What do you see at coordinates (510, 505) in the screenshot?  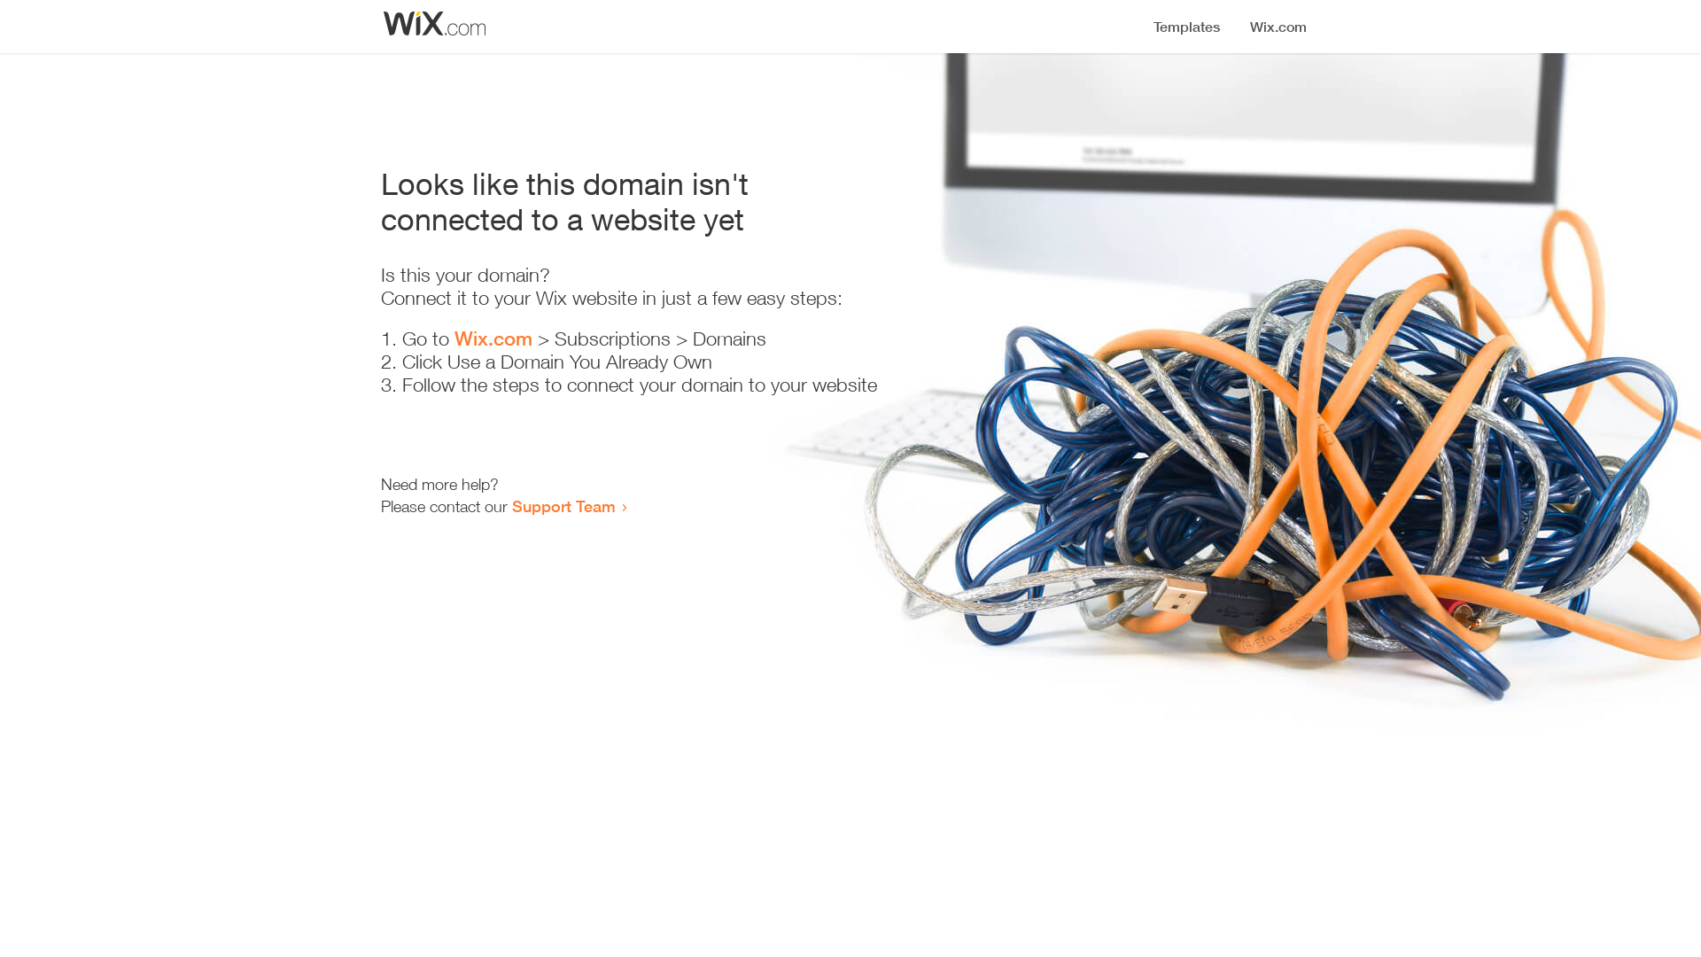 I see `'Support Team'` at bounding box center [510, 505].